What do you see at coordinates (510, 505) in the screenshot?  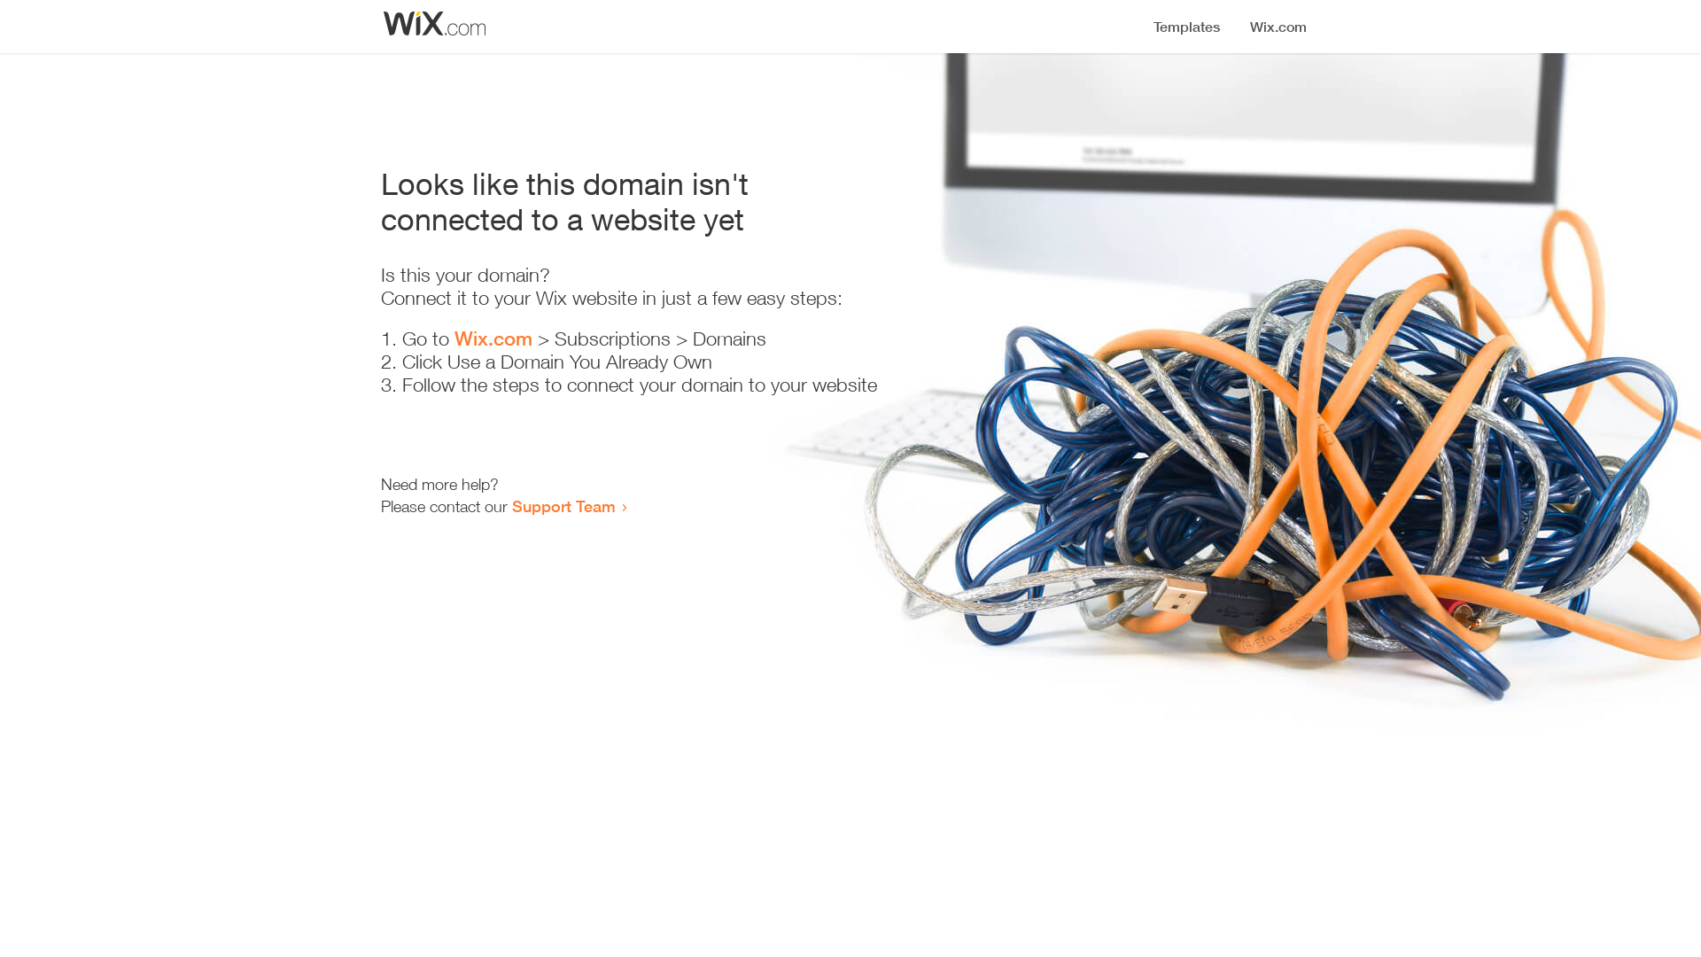 I see `'Support Team'` at bounding box center [510, 505].